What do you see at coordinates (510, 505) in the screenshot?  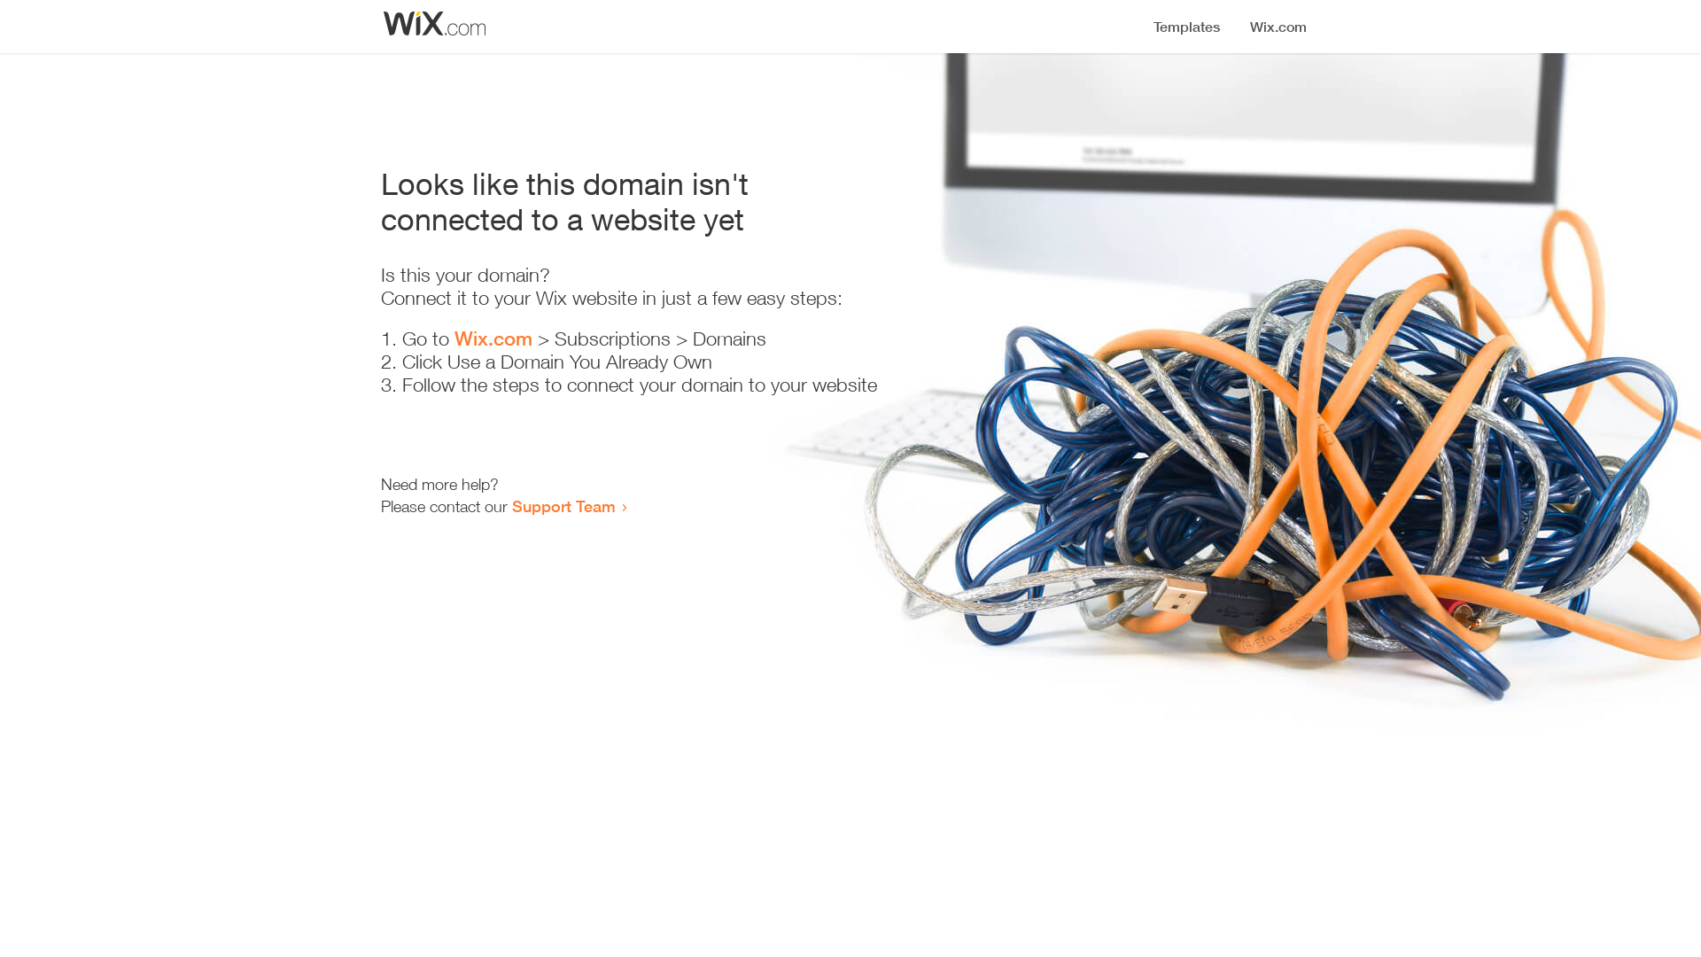 I see `'Support Team'` at bounding box center [510, 505].